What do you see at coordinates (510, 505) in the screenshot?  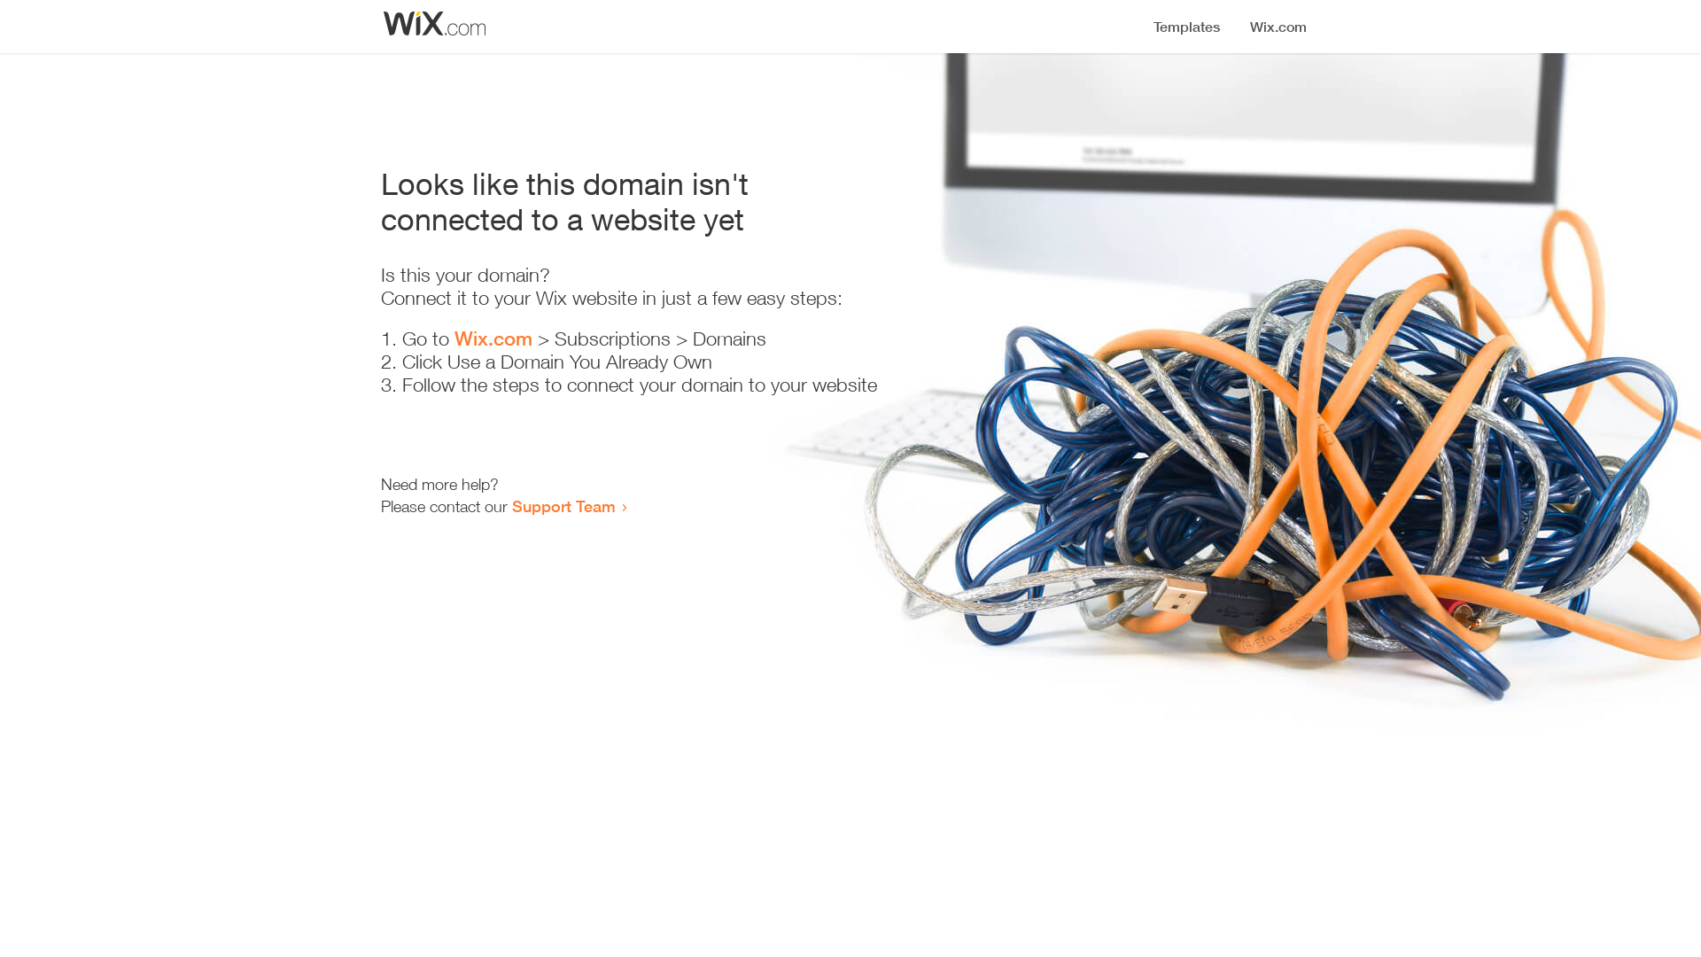 I see `'Support Team'` at bounding box center [510, 505].